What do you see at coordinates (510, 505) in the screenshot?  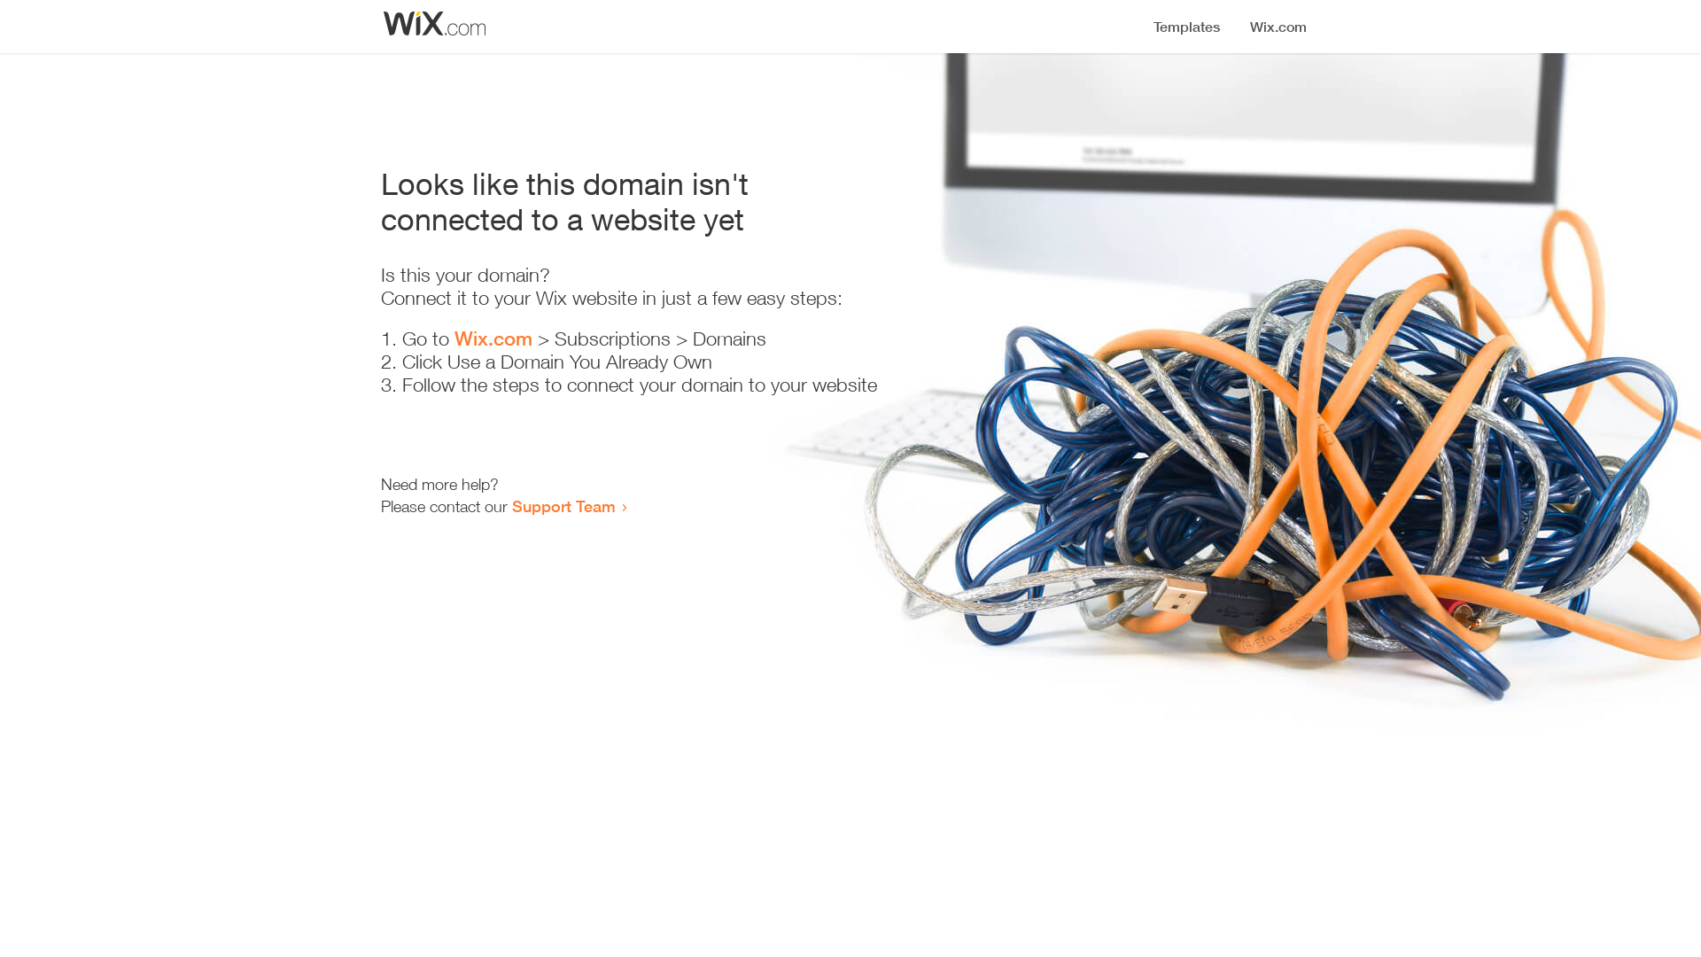 I see `'Support Team'` at bounding box center [510, 505].